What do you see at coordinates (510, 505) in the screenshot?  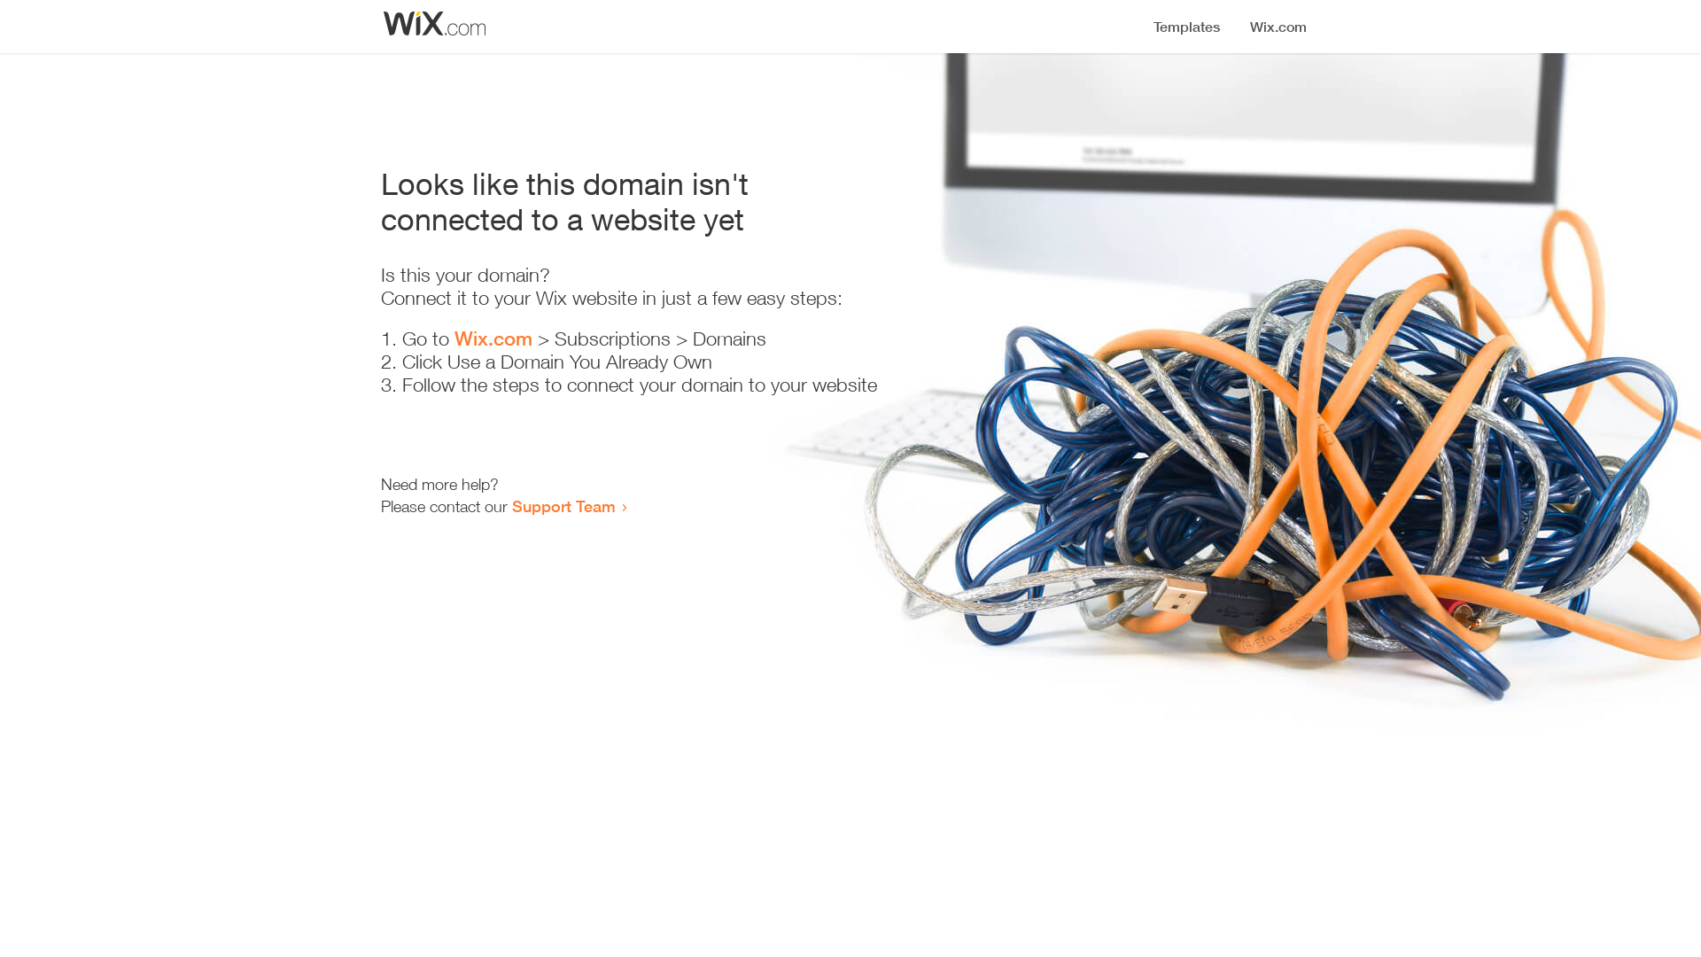 I see `'Support Team'` at bounding box center [510, 505].